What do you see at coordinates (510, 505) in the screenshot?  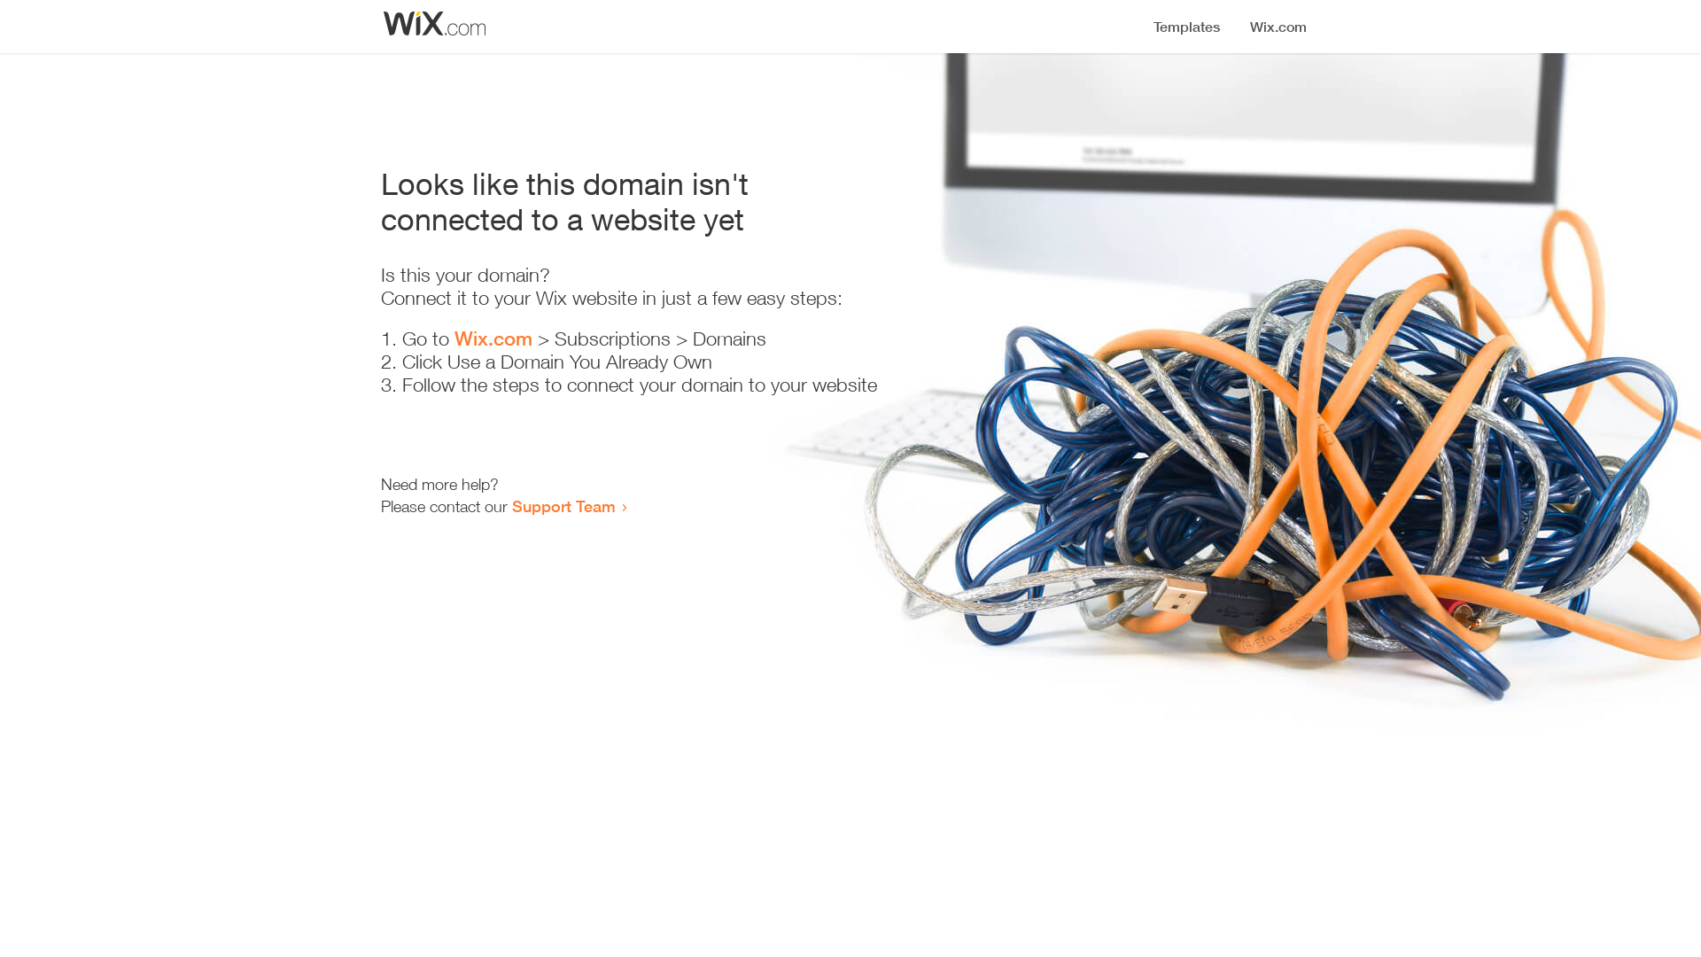 I see `'Support Team'` at bounding box center [510, 505].